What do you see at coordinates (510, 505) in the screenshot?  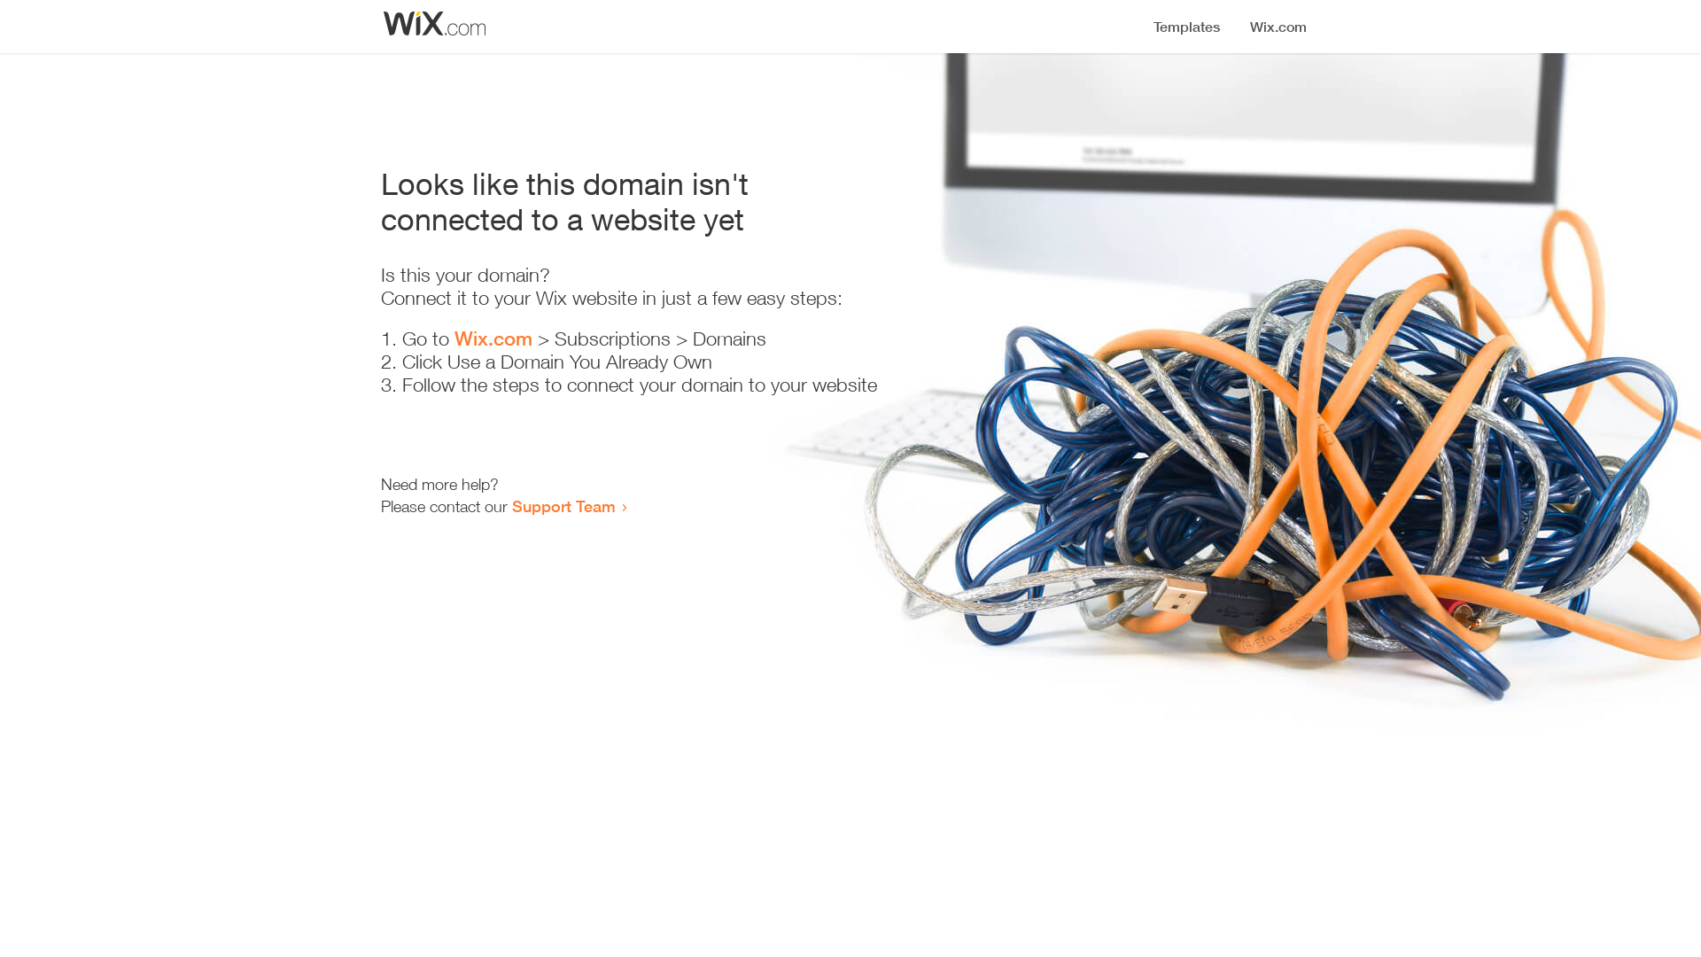 I see `'Support Team'` at bounding box center [510, 505].